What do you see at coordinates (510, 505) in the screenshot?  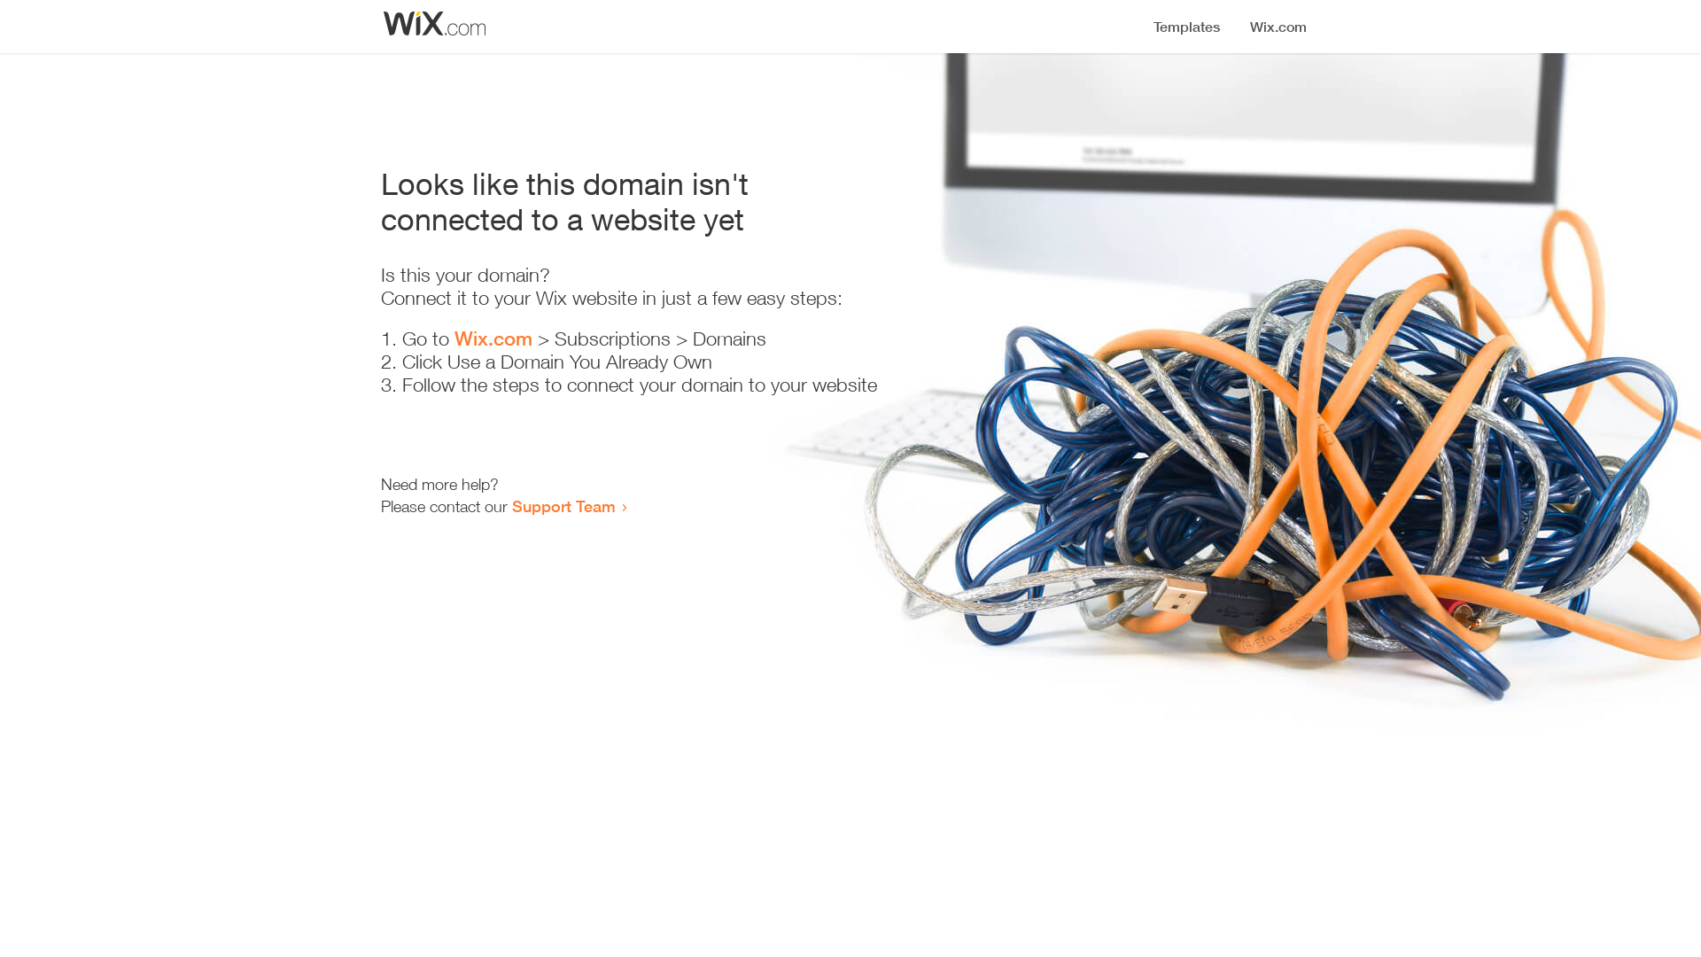 I see `'Support Team'` at bounding box center [510, 505].